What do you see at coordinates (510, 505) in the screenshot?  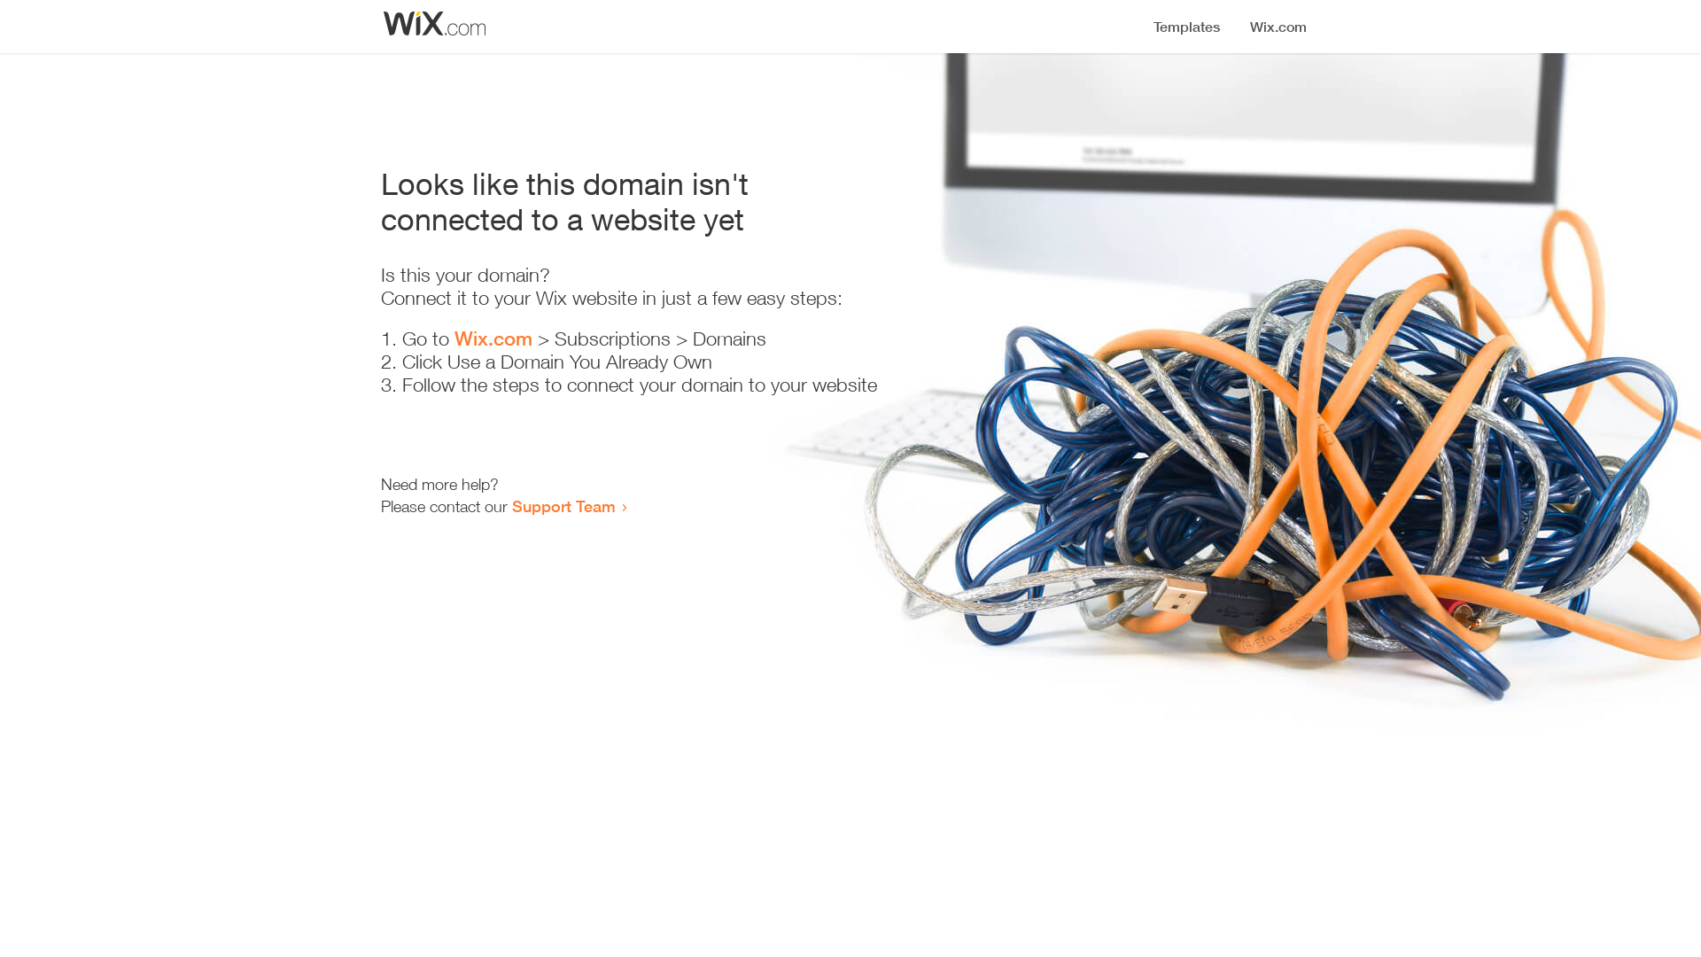 I see `'Support Team'` at bounding box center [510, 505].